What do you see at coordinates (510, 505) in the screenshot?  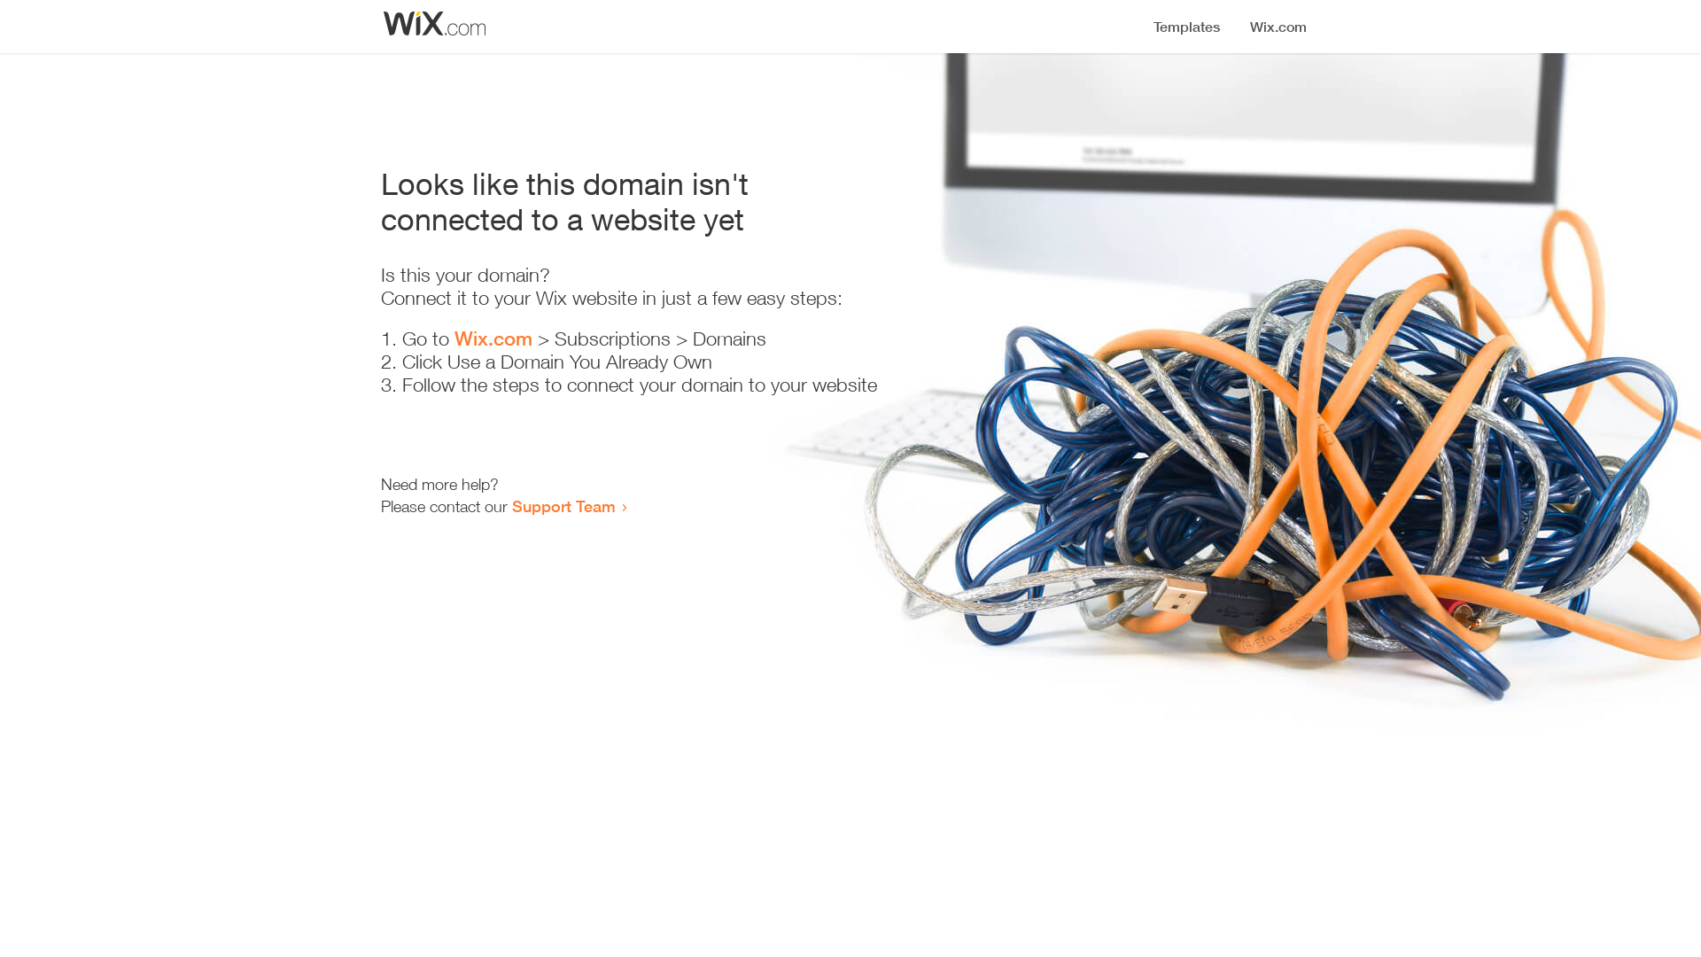 I see `'Support Team'` at bounding box center [510, 505].